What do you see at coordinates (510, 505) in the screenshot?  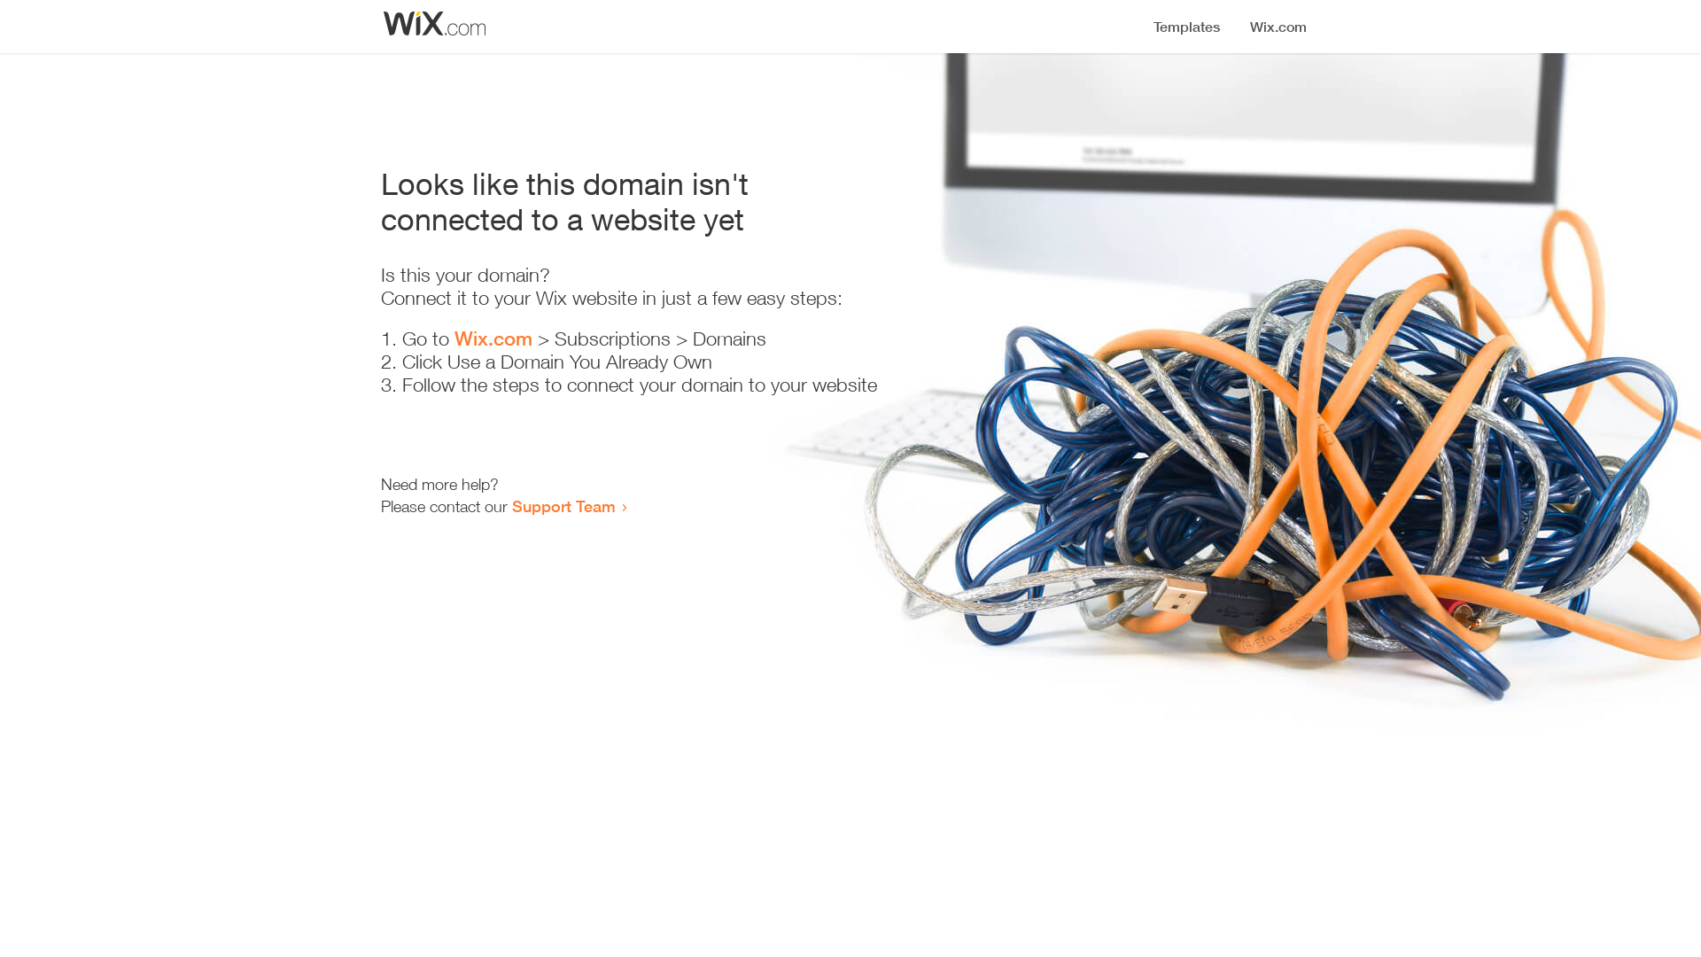 I see `'Support Team'` at bounding box center [510, 505].